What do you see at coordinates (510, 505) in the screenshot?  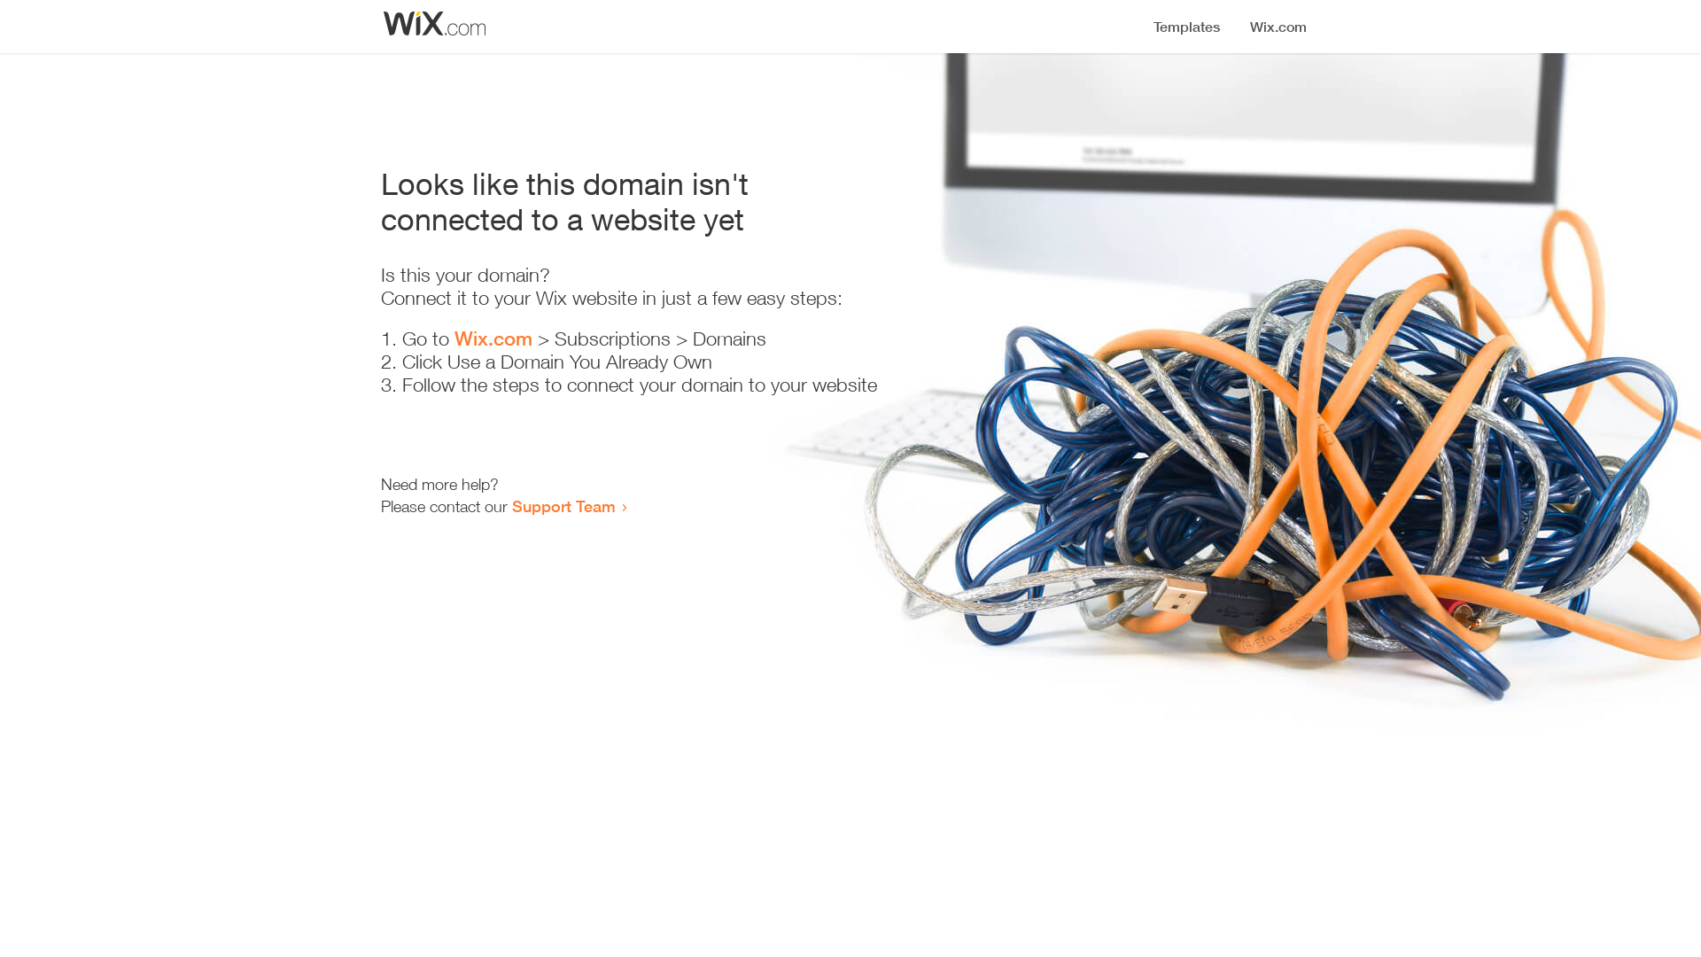 I see `'Support Team'` at bounding box center [510, 505].